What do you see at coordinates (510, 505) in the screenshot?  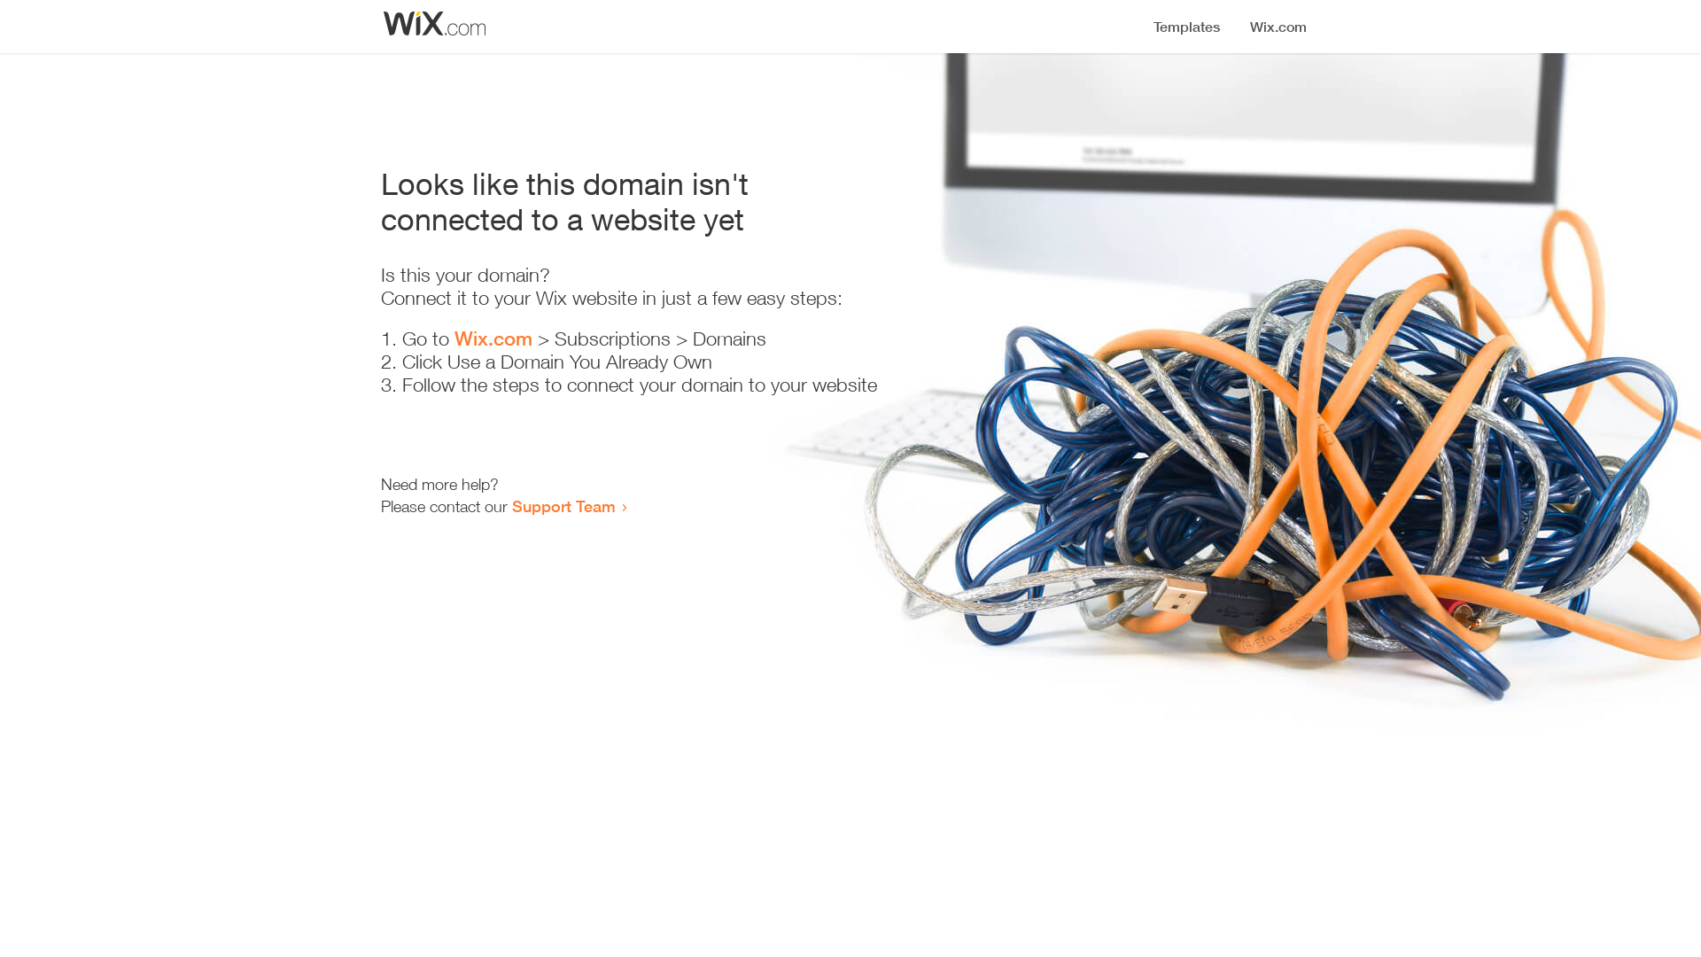 I see `'Support Team'` at bounding box center [510, 505].